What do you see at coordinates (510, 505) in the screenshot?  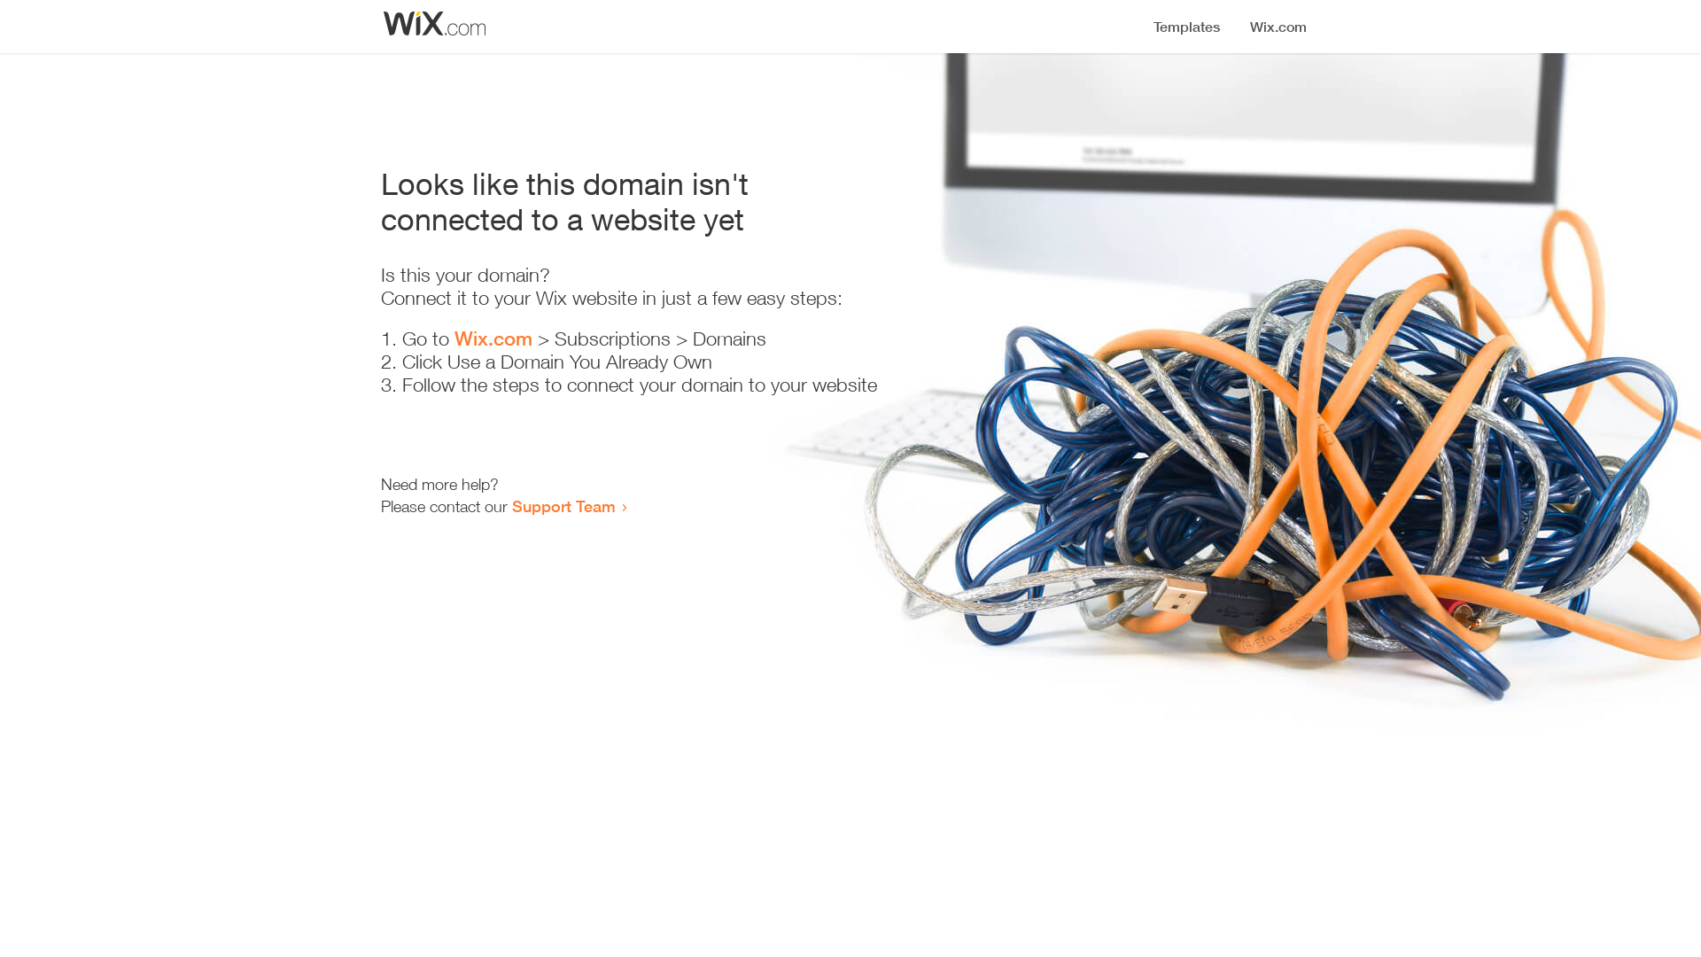 I see `'Support Team'` at bounding box center [510, 505].